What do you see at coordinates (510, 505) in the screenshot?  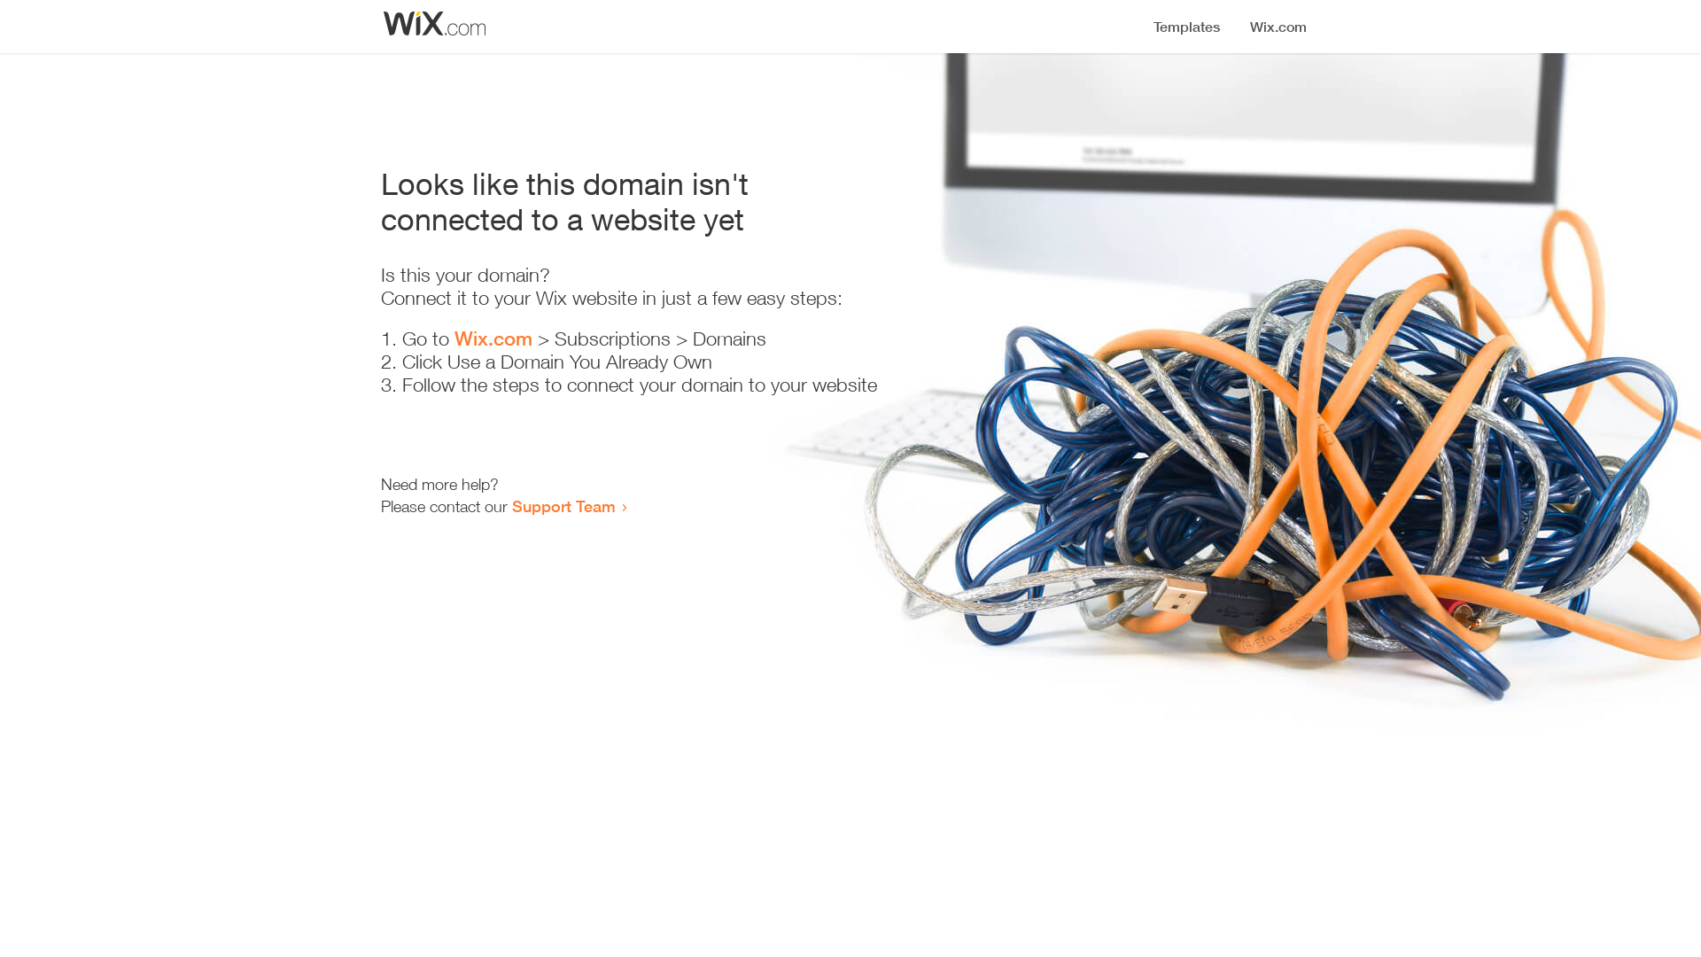 I see `'Support Team'` at bounding box center [510, 505].